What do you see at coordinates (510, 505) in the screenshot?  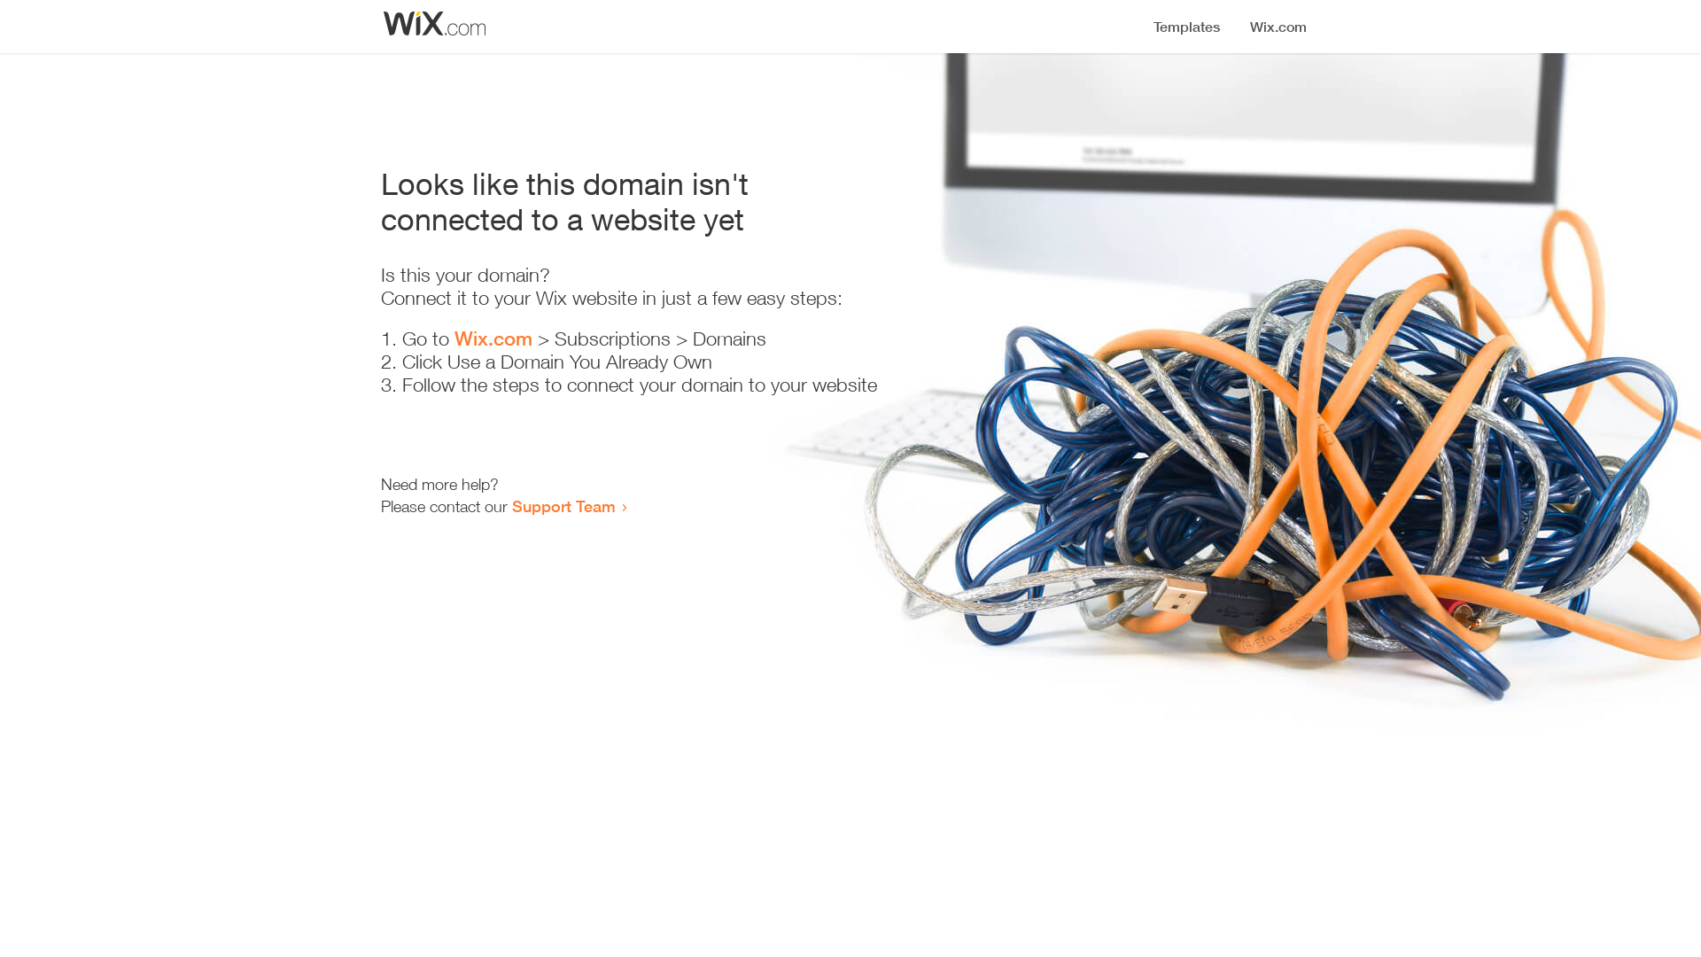 I see `'Support Team'` at bounding box center [510, 505].